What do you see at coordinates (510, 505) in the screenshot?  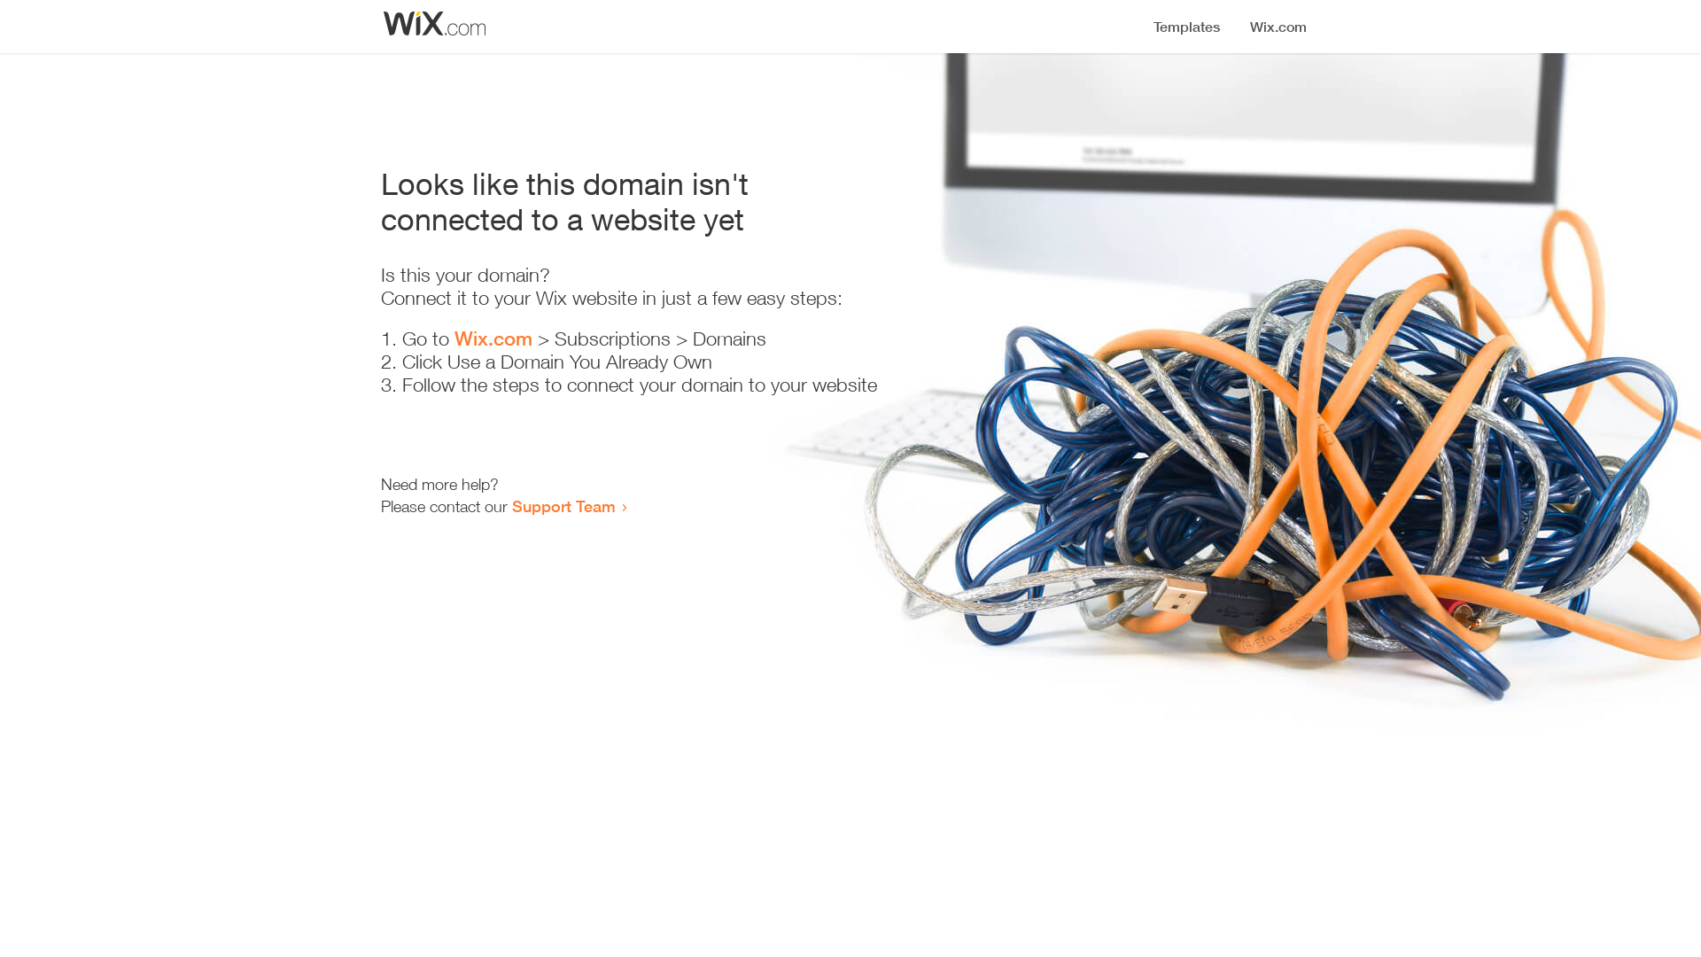 I see `'Support Team'` at bounding box center [510, 505].